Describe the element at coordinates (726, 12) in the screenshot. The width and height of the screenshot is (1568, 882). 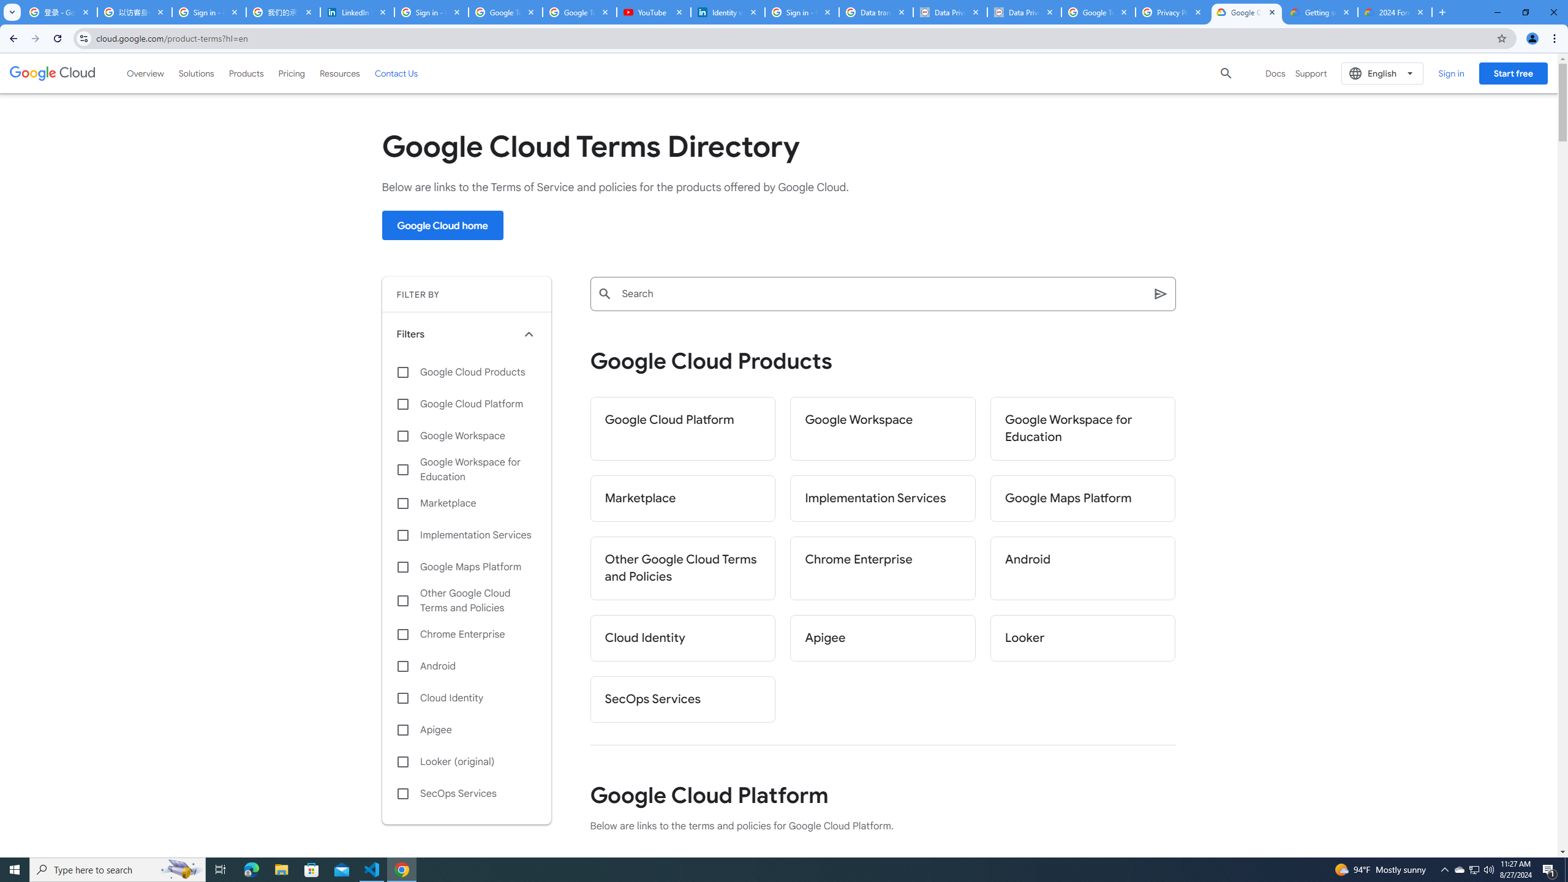
I see `'Identity verification via Persona | LinkedIn Help'` at that location.